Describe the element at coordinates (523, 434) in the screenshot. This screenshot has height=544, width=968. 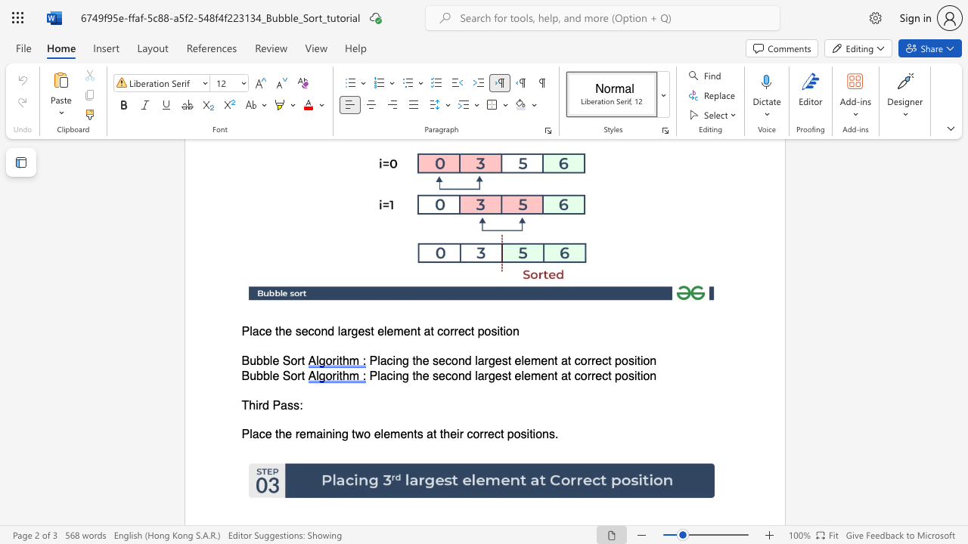
I see `the 2th character "s" in the text` at that location.